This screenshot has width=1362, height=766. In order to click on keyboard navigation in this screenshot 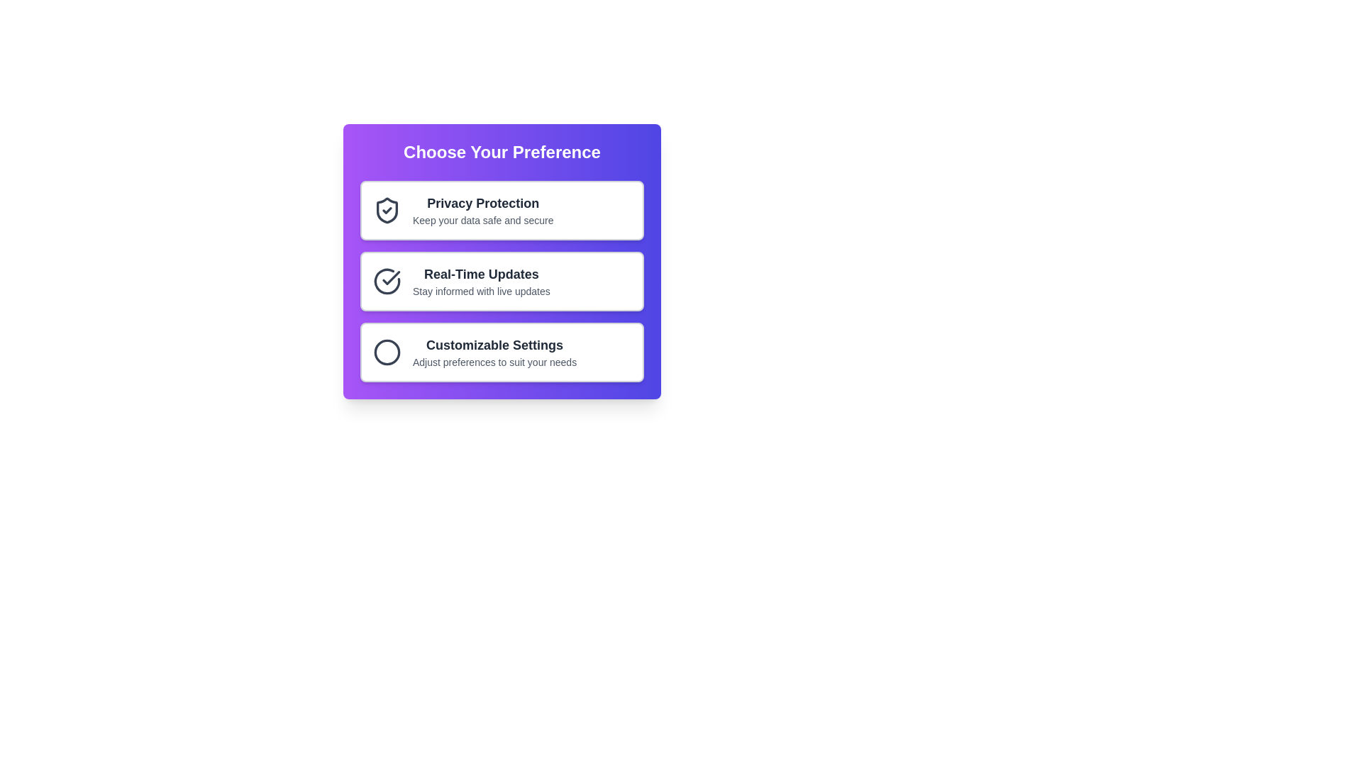, I will do `click(502, 282)`.